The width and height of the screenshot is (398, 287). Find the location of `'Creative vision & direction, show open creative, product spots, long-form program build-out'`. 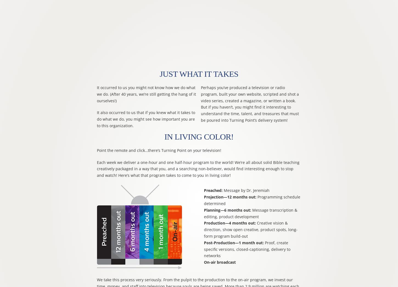

'Creative vision & direction, show open creative, product spots, long-form program build-out' is located at coordinates (250, 229).